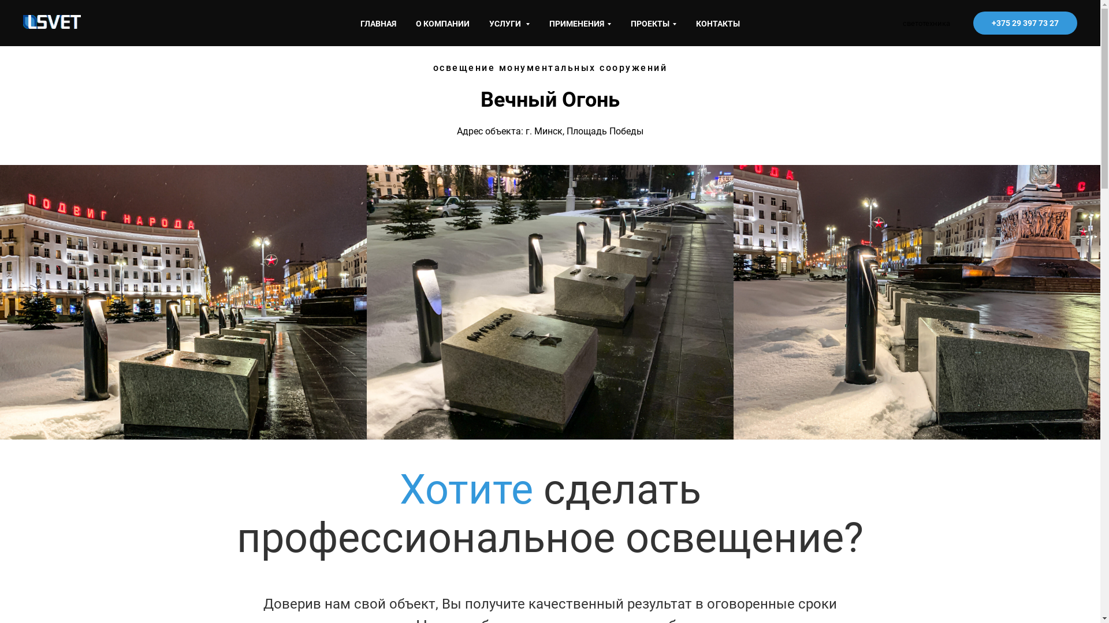 The height and width of the screenshot is (623, 1109). What do you see at coordinates (1025, 22) in the screenshot?
I see `'+375 29 397 73 27'` at bounding box center [1025, 22].